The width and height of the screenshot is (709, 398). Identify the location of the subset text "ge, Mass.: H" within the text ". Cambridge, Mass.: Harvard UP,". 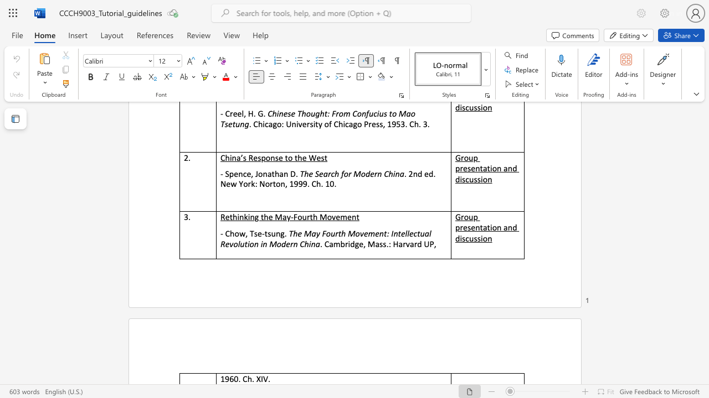
(354, 243).